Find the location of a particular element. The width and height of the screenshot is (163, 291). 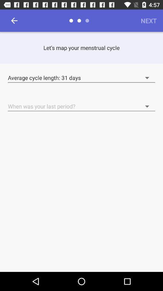

arrow symabol which is top left side is located at coordinates (14, 21).